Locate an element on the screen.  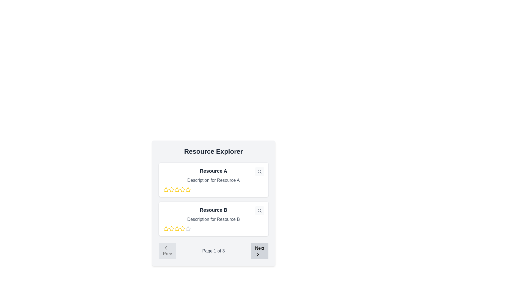
keyboard navigation is located at coordinates (171, 189).